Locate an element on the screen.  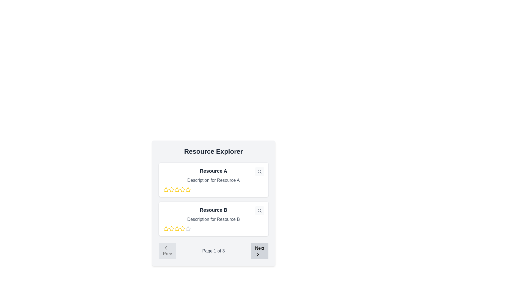
keyboard navigation is located at coordinates (171, 189).